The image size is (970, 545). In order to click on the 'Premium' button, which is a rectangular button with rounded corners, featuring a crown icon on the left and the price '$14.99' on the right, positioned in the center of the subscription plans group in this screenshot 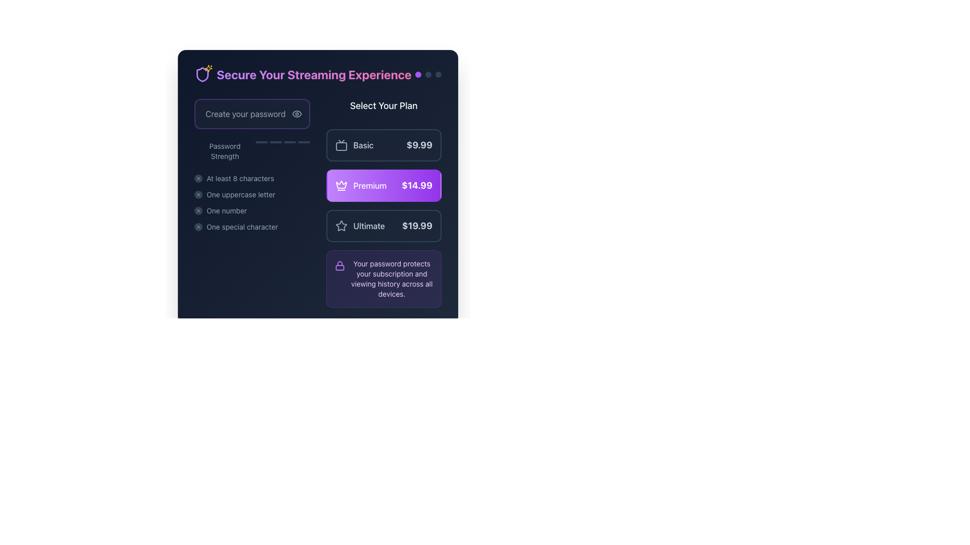, I will do `click(383, 185)`.